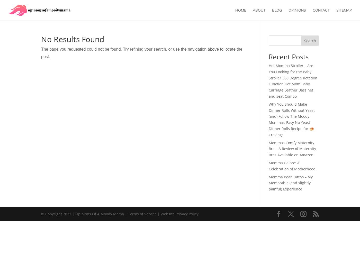 The height and width of the screenshot is (257, 360). I want to click on 'Why You Should Make Dinner Rolls Without Yeast (and) Follow The Moody Momma’s Easy No Yeast Dinner Rolls Recipe for 🍞 Cravings', so click(268, 119).